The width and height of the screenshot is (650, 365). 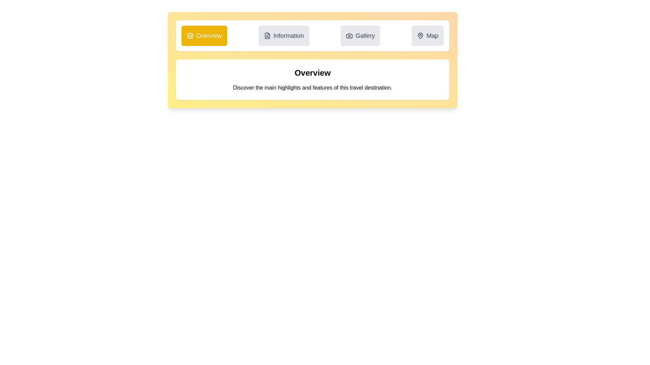 What do you see at coordinates (284, 35) in the screenshot?
I see `the tab labeled Information to observe its hover effect` at bounding box center [284, 35].